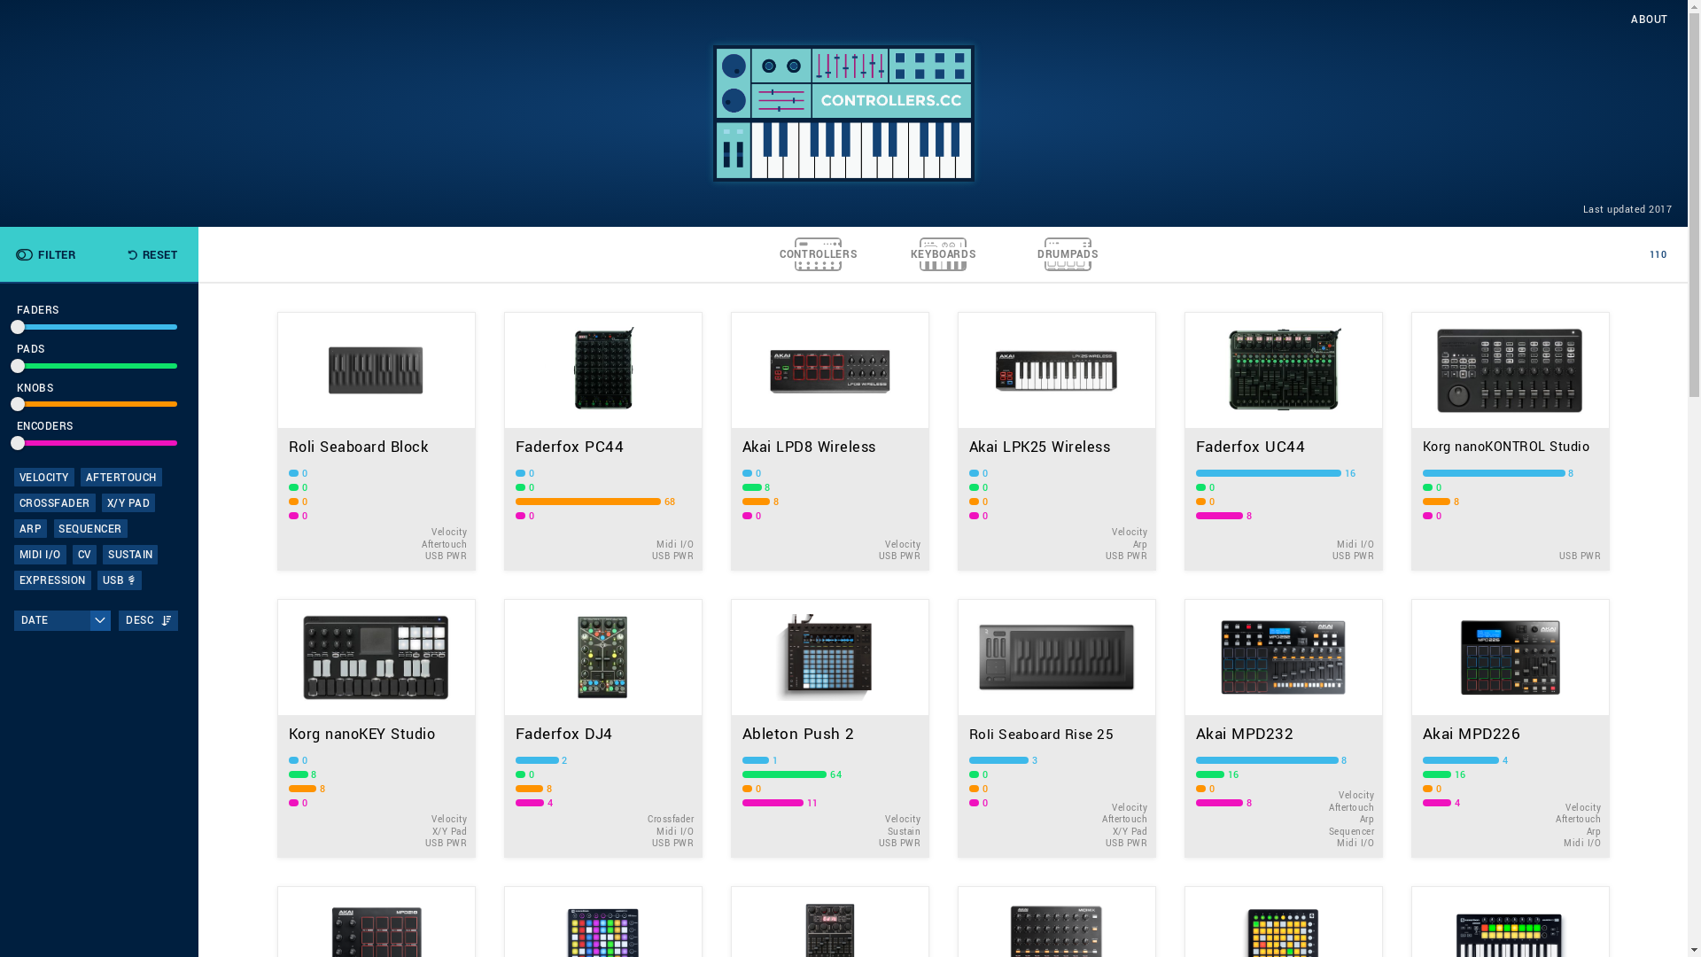 Image resolution: width=1701 pixels, height=957 pixels. What do you see at coordinates (127, 502) in the screenshot?
I see `'X/Y PAD'` at bounding box center [127, 502].